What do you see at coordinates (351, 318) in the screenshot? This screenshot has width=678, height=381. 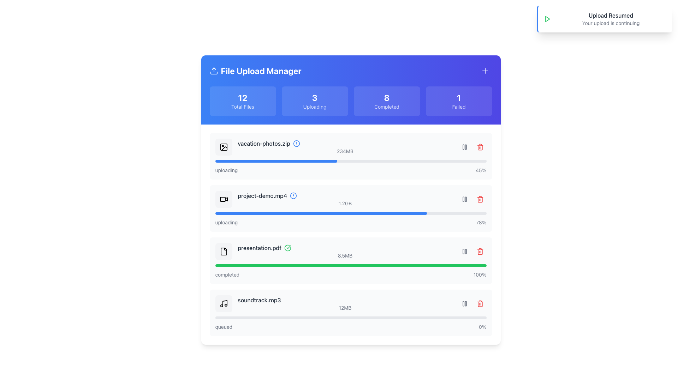 I see `the progress bar indicating the upload status of the file 'soundtrack.mp3', located at the bottom of the list, below the file size and status indicator` at bounding box center [351, 318].